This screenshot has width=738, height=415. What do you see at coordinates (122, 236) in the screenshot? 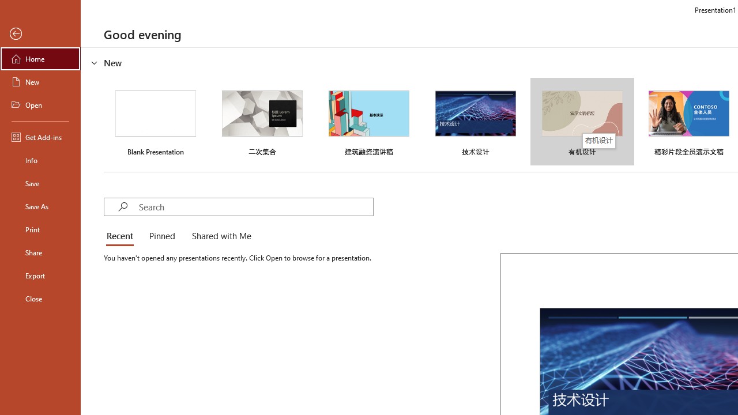
I see `'Recent'` at bounding box center [122, 236].